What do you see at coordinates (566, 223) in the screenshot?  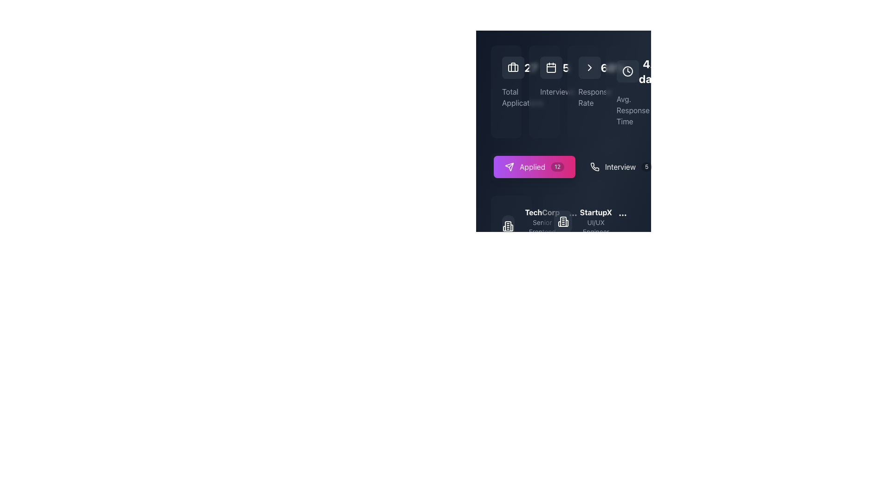 I see `the Decorative vector component located within the building icon, which resembles a side of a door or window and is positioned towards the right side among other vertical lines` at bounding box center [566, 223].